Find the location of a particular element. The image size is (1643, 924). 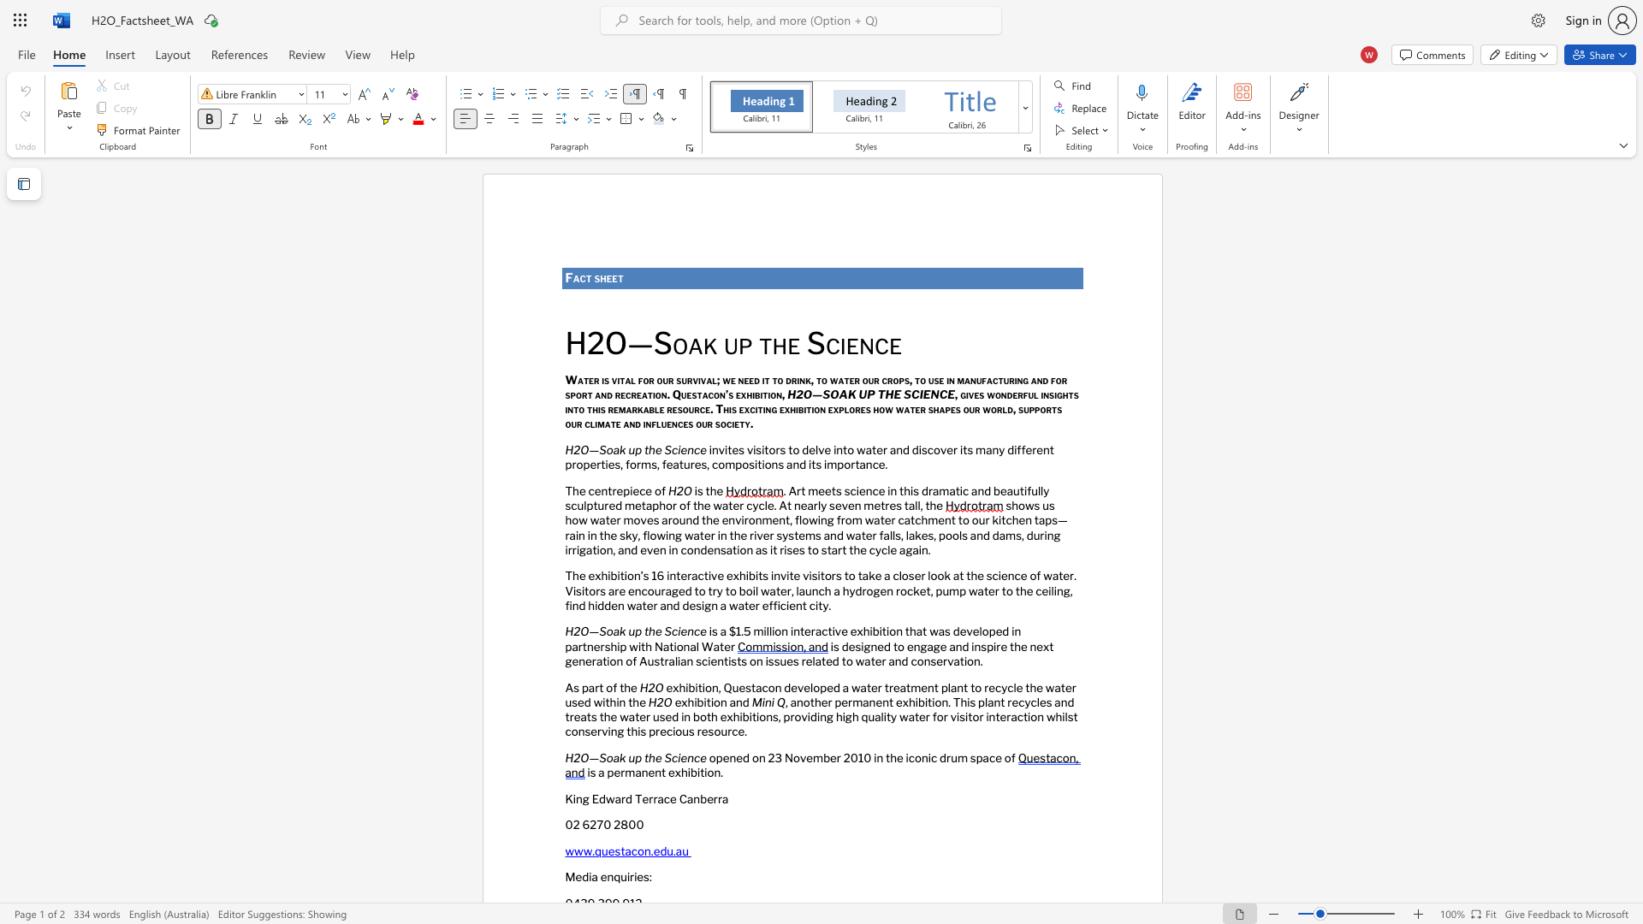

the subset text "er. Visitors are encouraged to try to boil water, launch a hydro" within the text "The exhibition’s 16 interactive exhibits invite visitors to take a closer look at the science of water. Visitors are encouraged to try to boil water, launch a hydrogen rocket, pump water to the ceiling, find hidden water and design a water efficient city." is located at coordinates (1062, 576).